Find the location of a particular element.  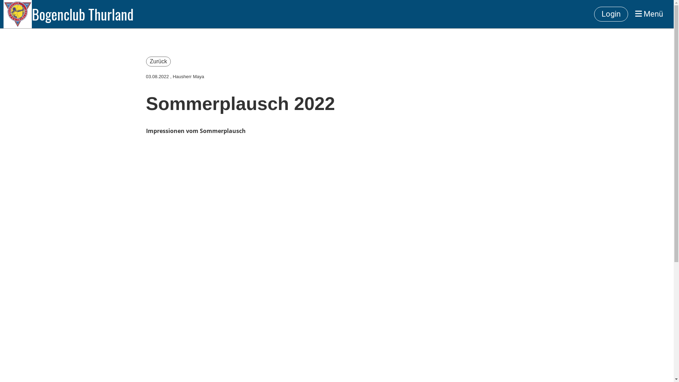

'Login' is located at coordinates (594, 14).